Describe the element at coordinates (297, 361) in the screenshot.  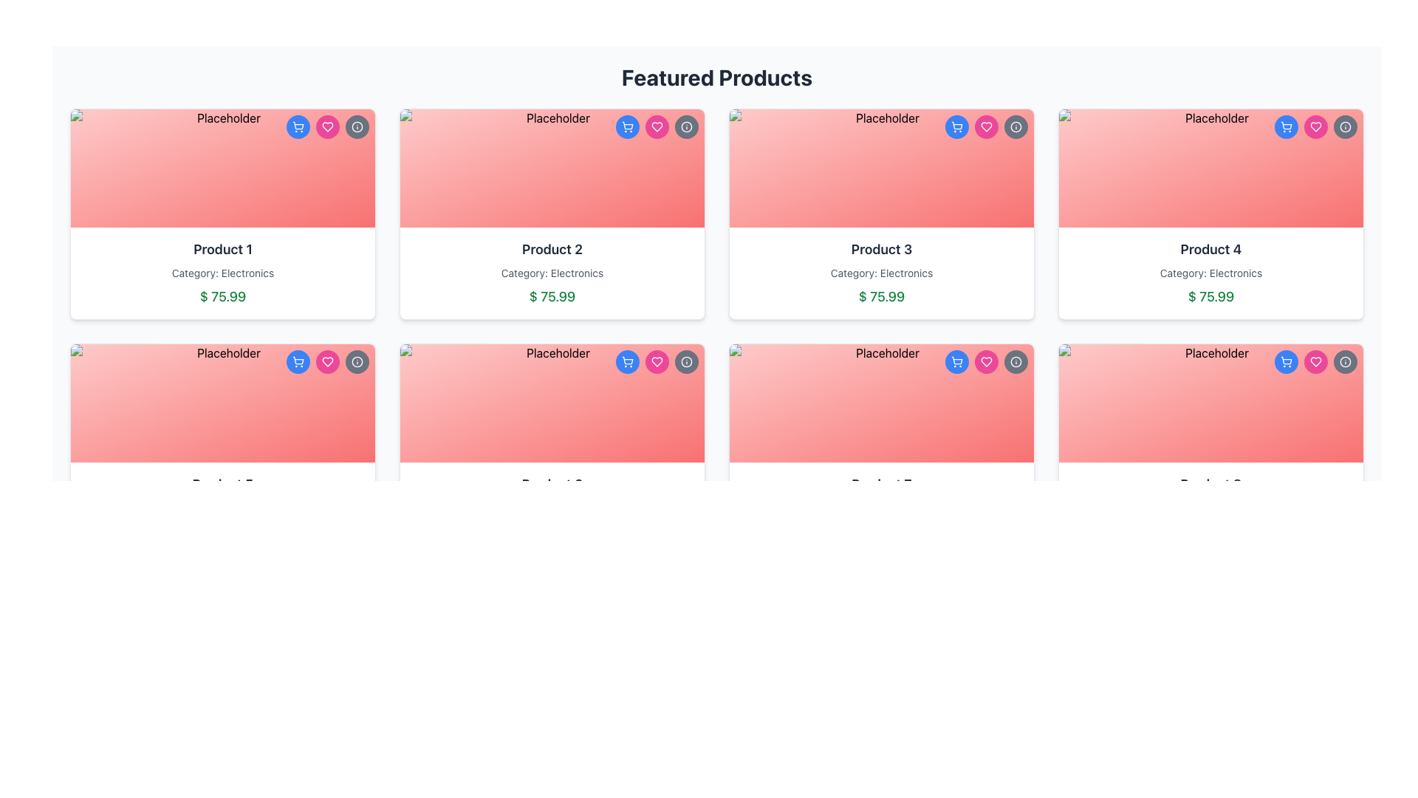
I see `the circular blue button with a white shopping cart icon located at the top-right of the product card` at that location.